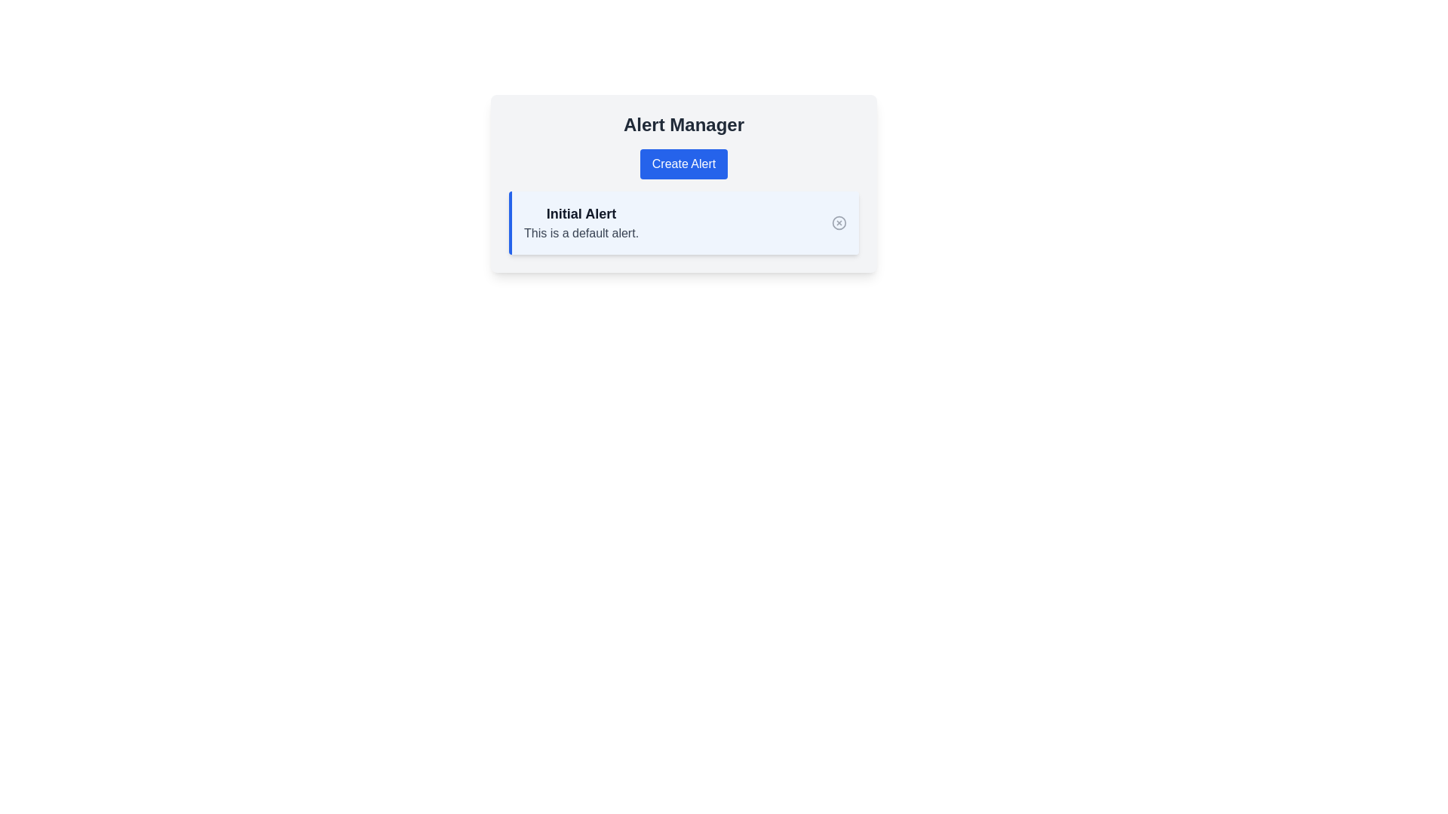 The width and height of the screenshot is (1448, 814). What do you see at coordinates (839, 223) in the screenshot?
I see `the close button located in the top-right corner of the 'Initial Alert' box` at bounding box center [839, 223].